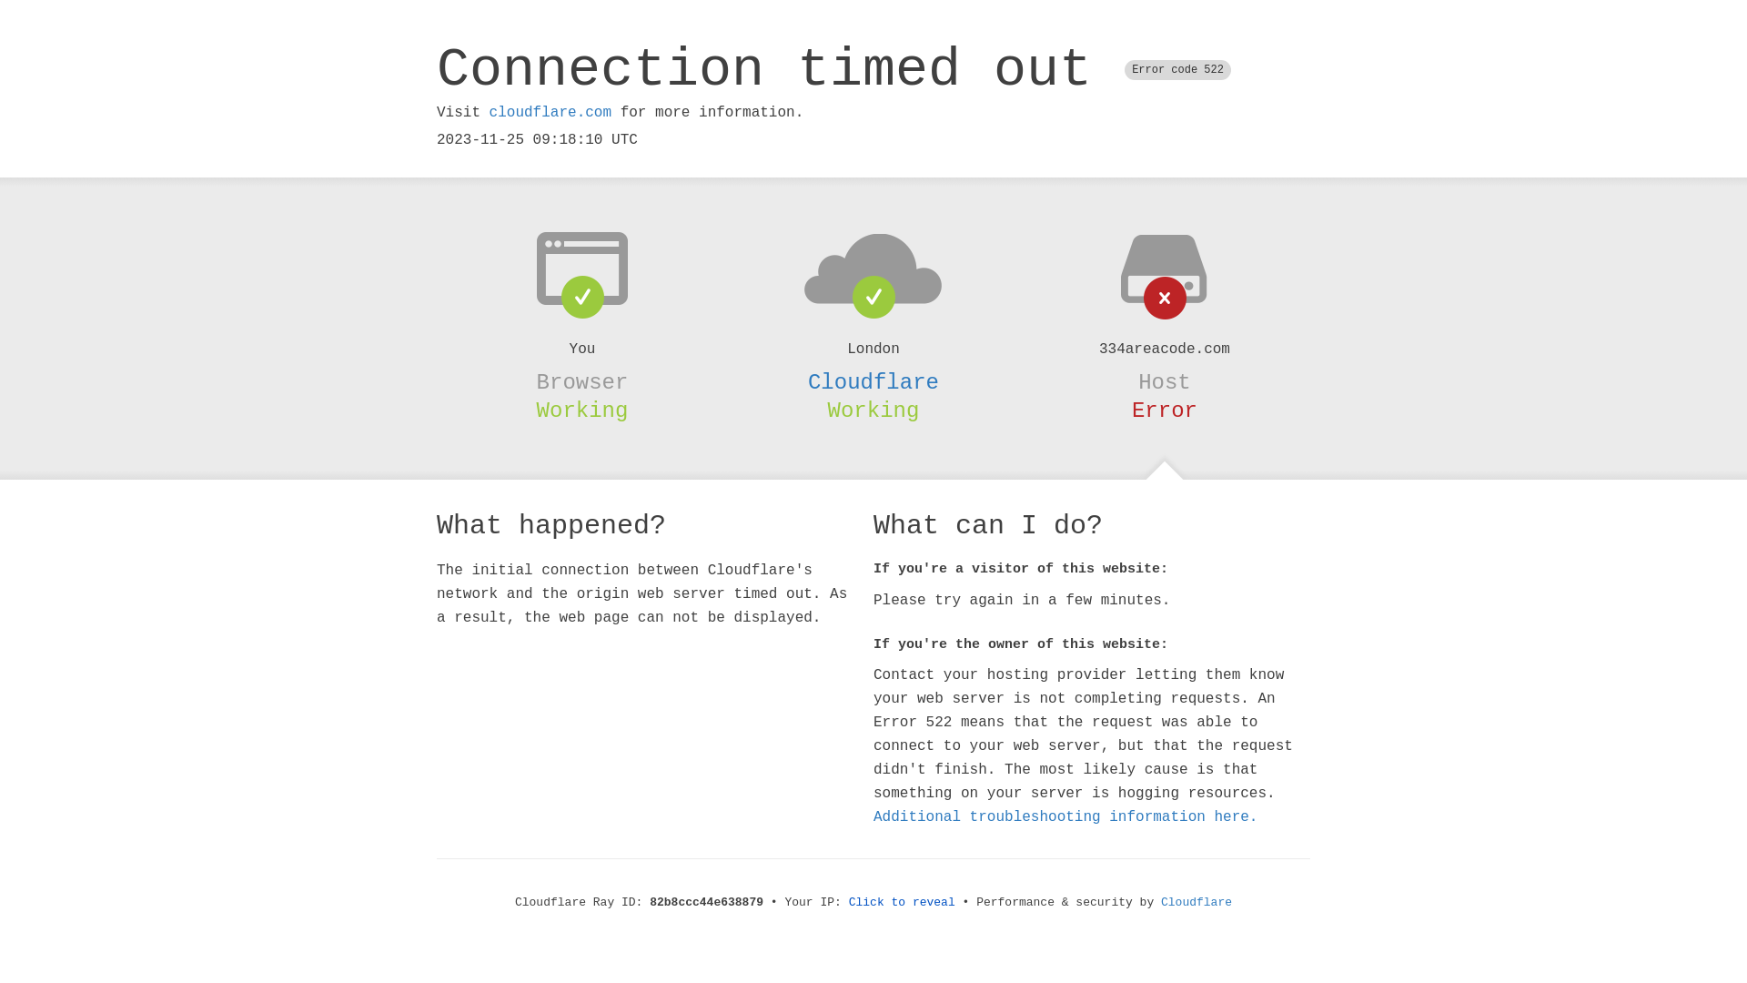  What do you see at coordinates (873, 381) in the screenshot?
I see `'Cloudflare'` at bounding box center [873, 381].